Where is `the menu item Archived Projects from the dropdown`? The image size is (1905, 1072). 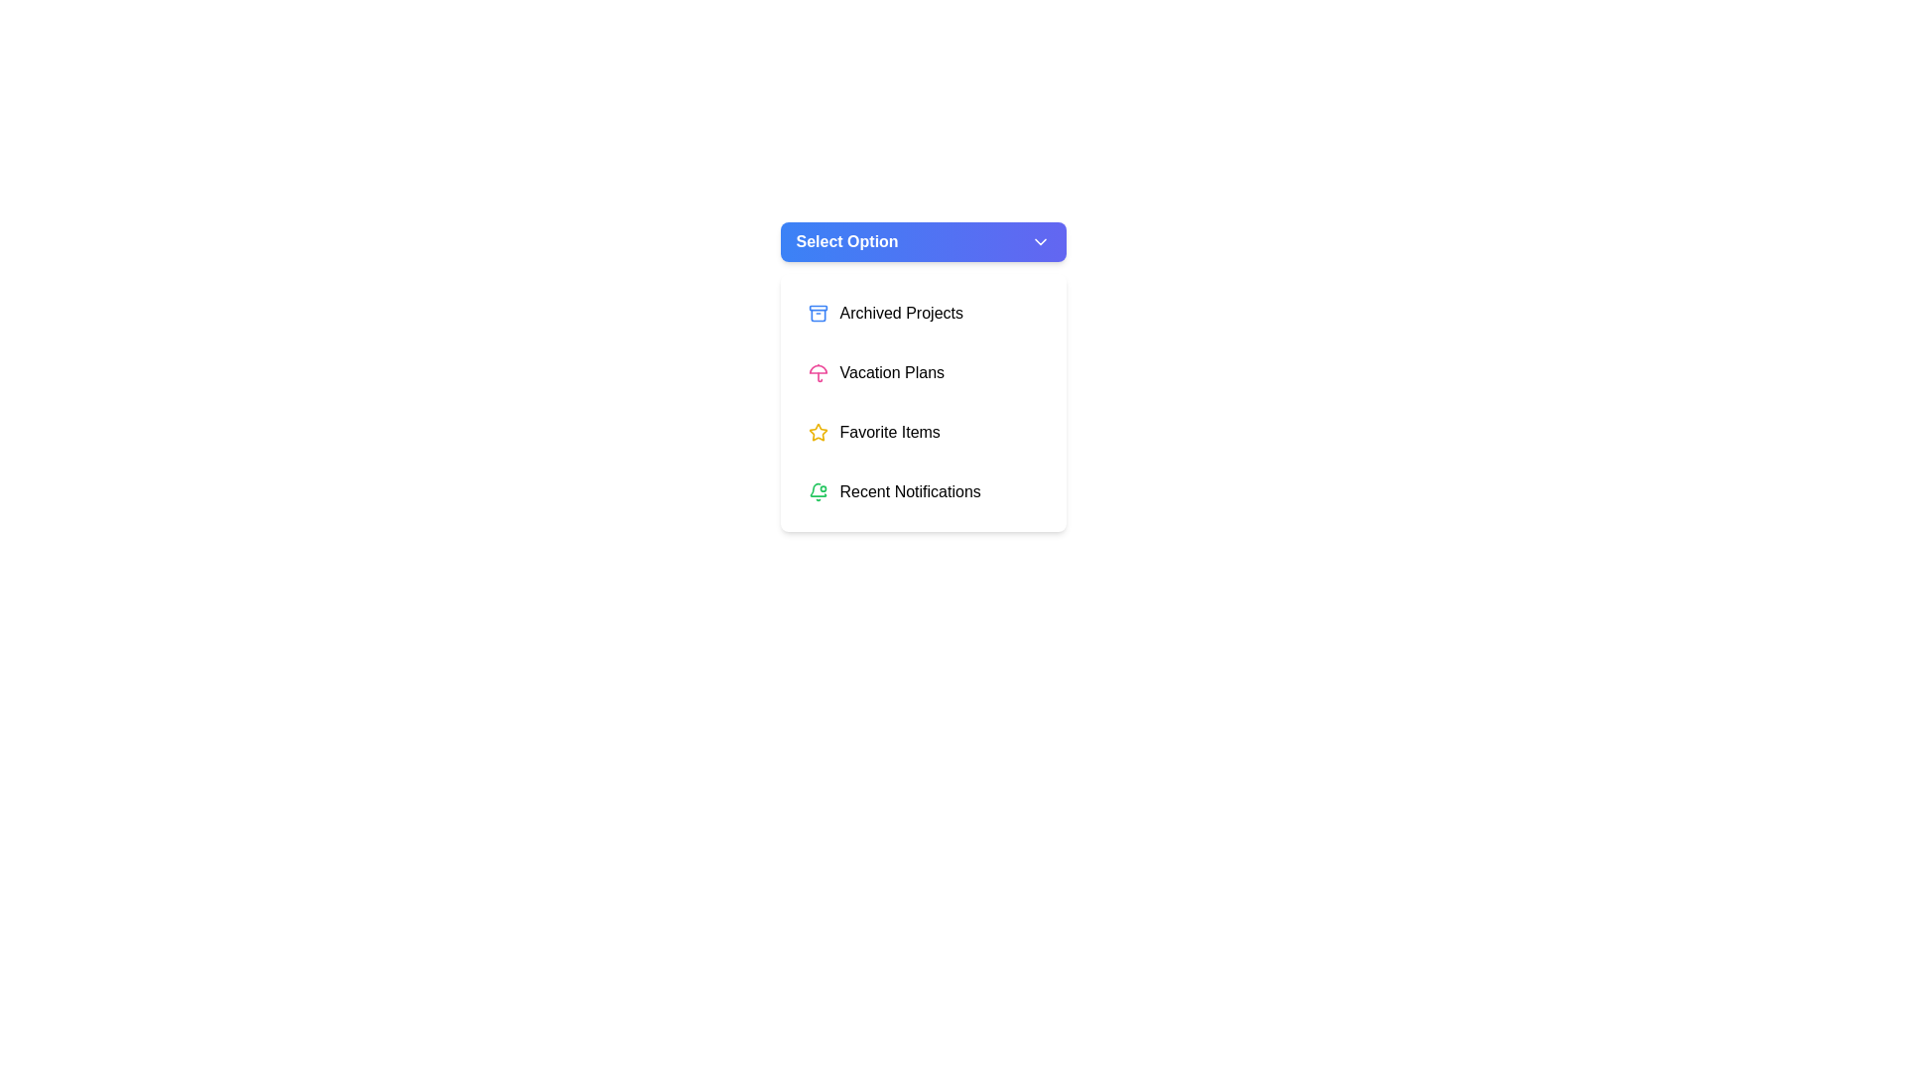
the menu item Archived Projects from the dropdown is located at coordinates (922, 313).